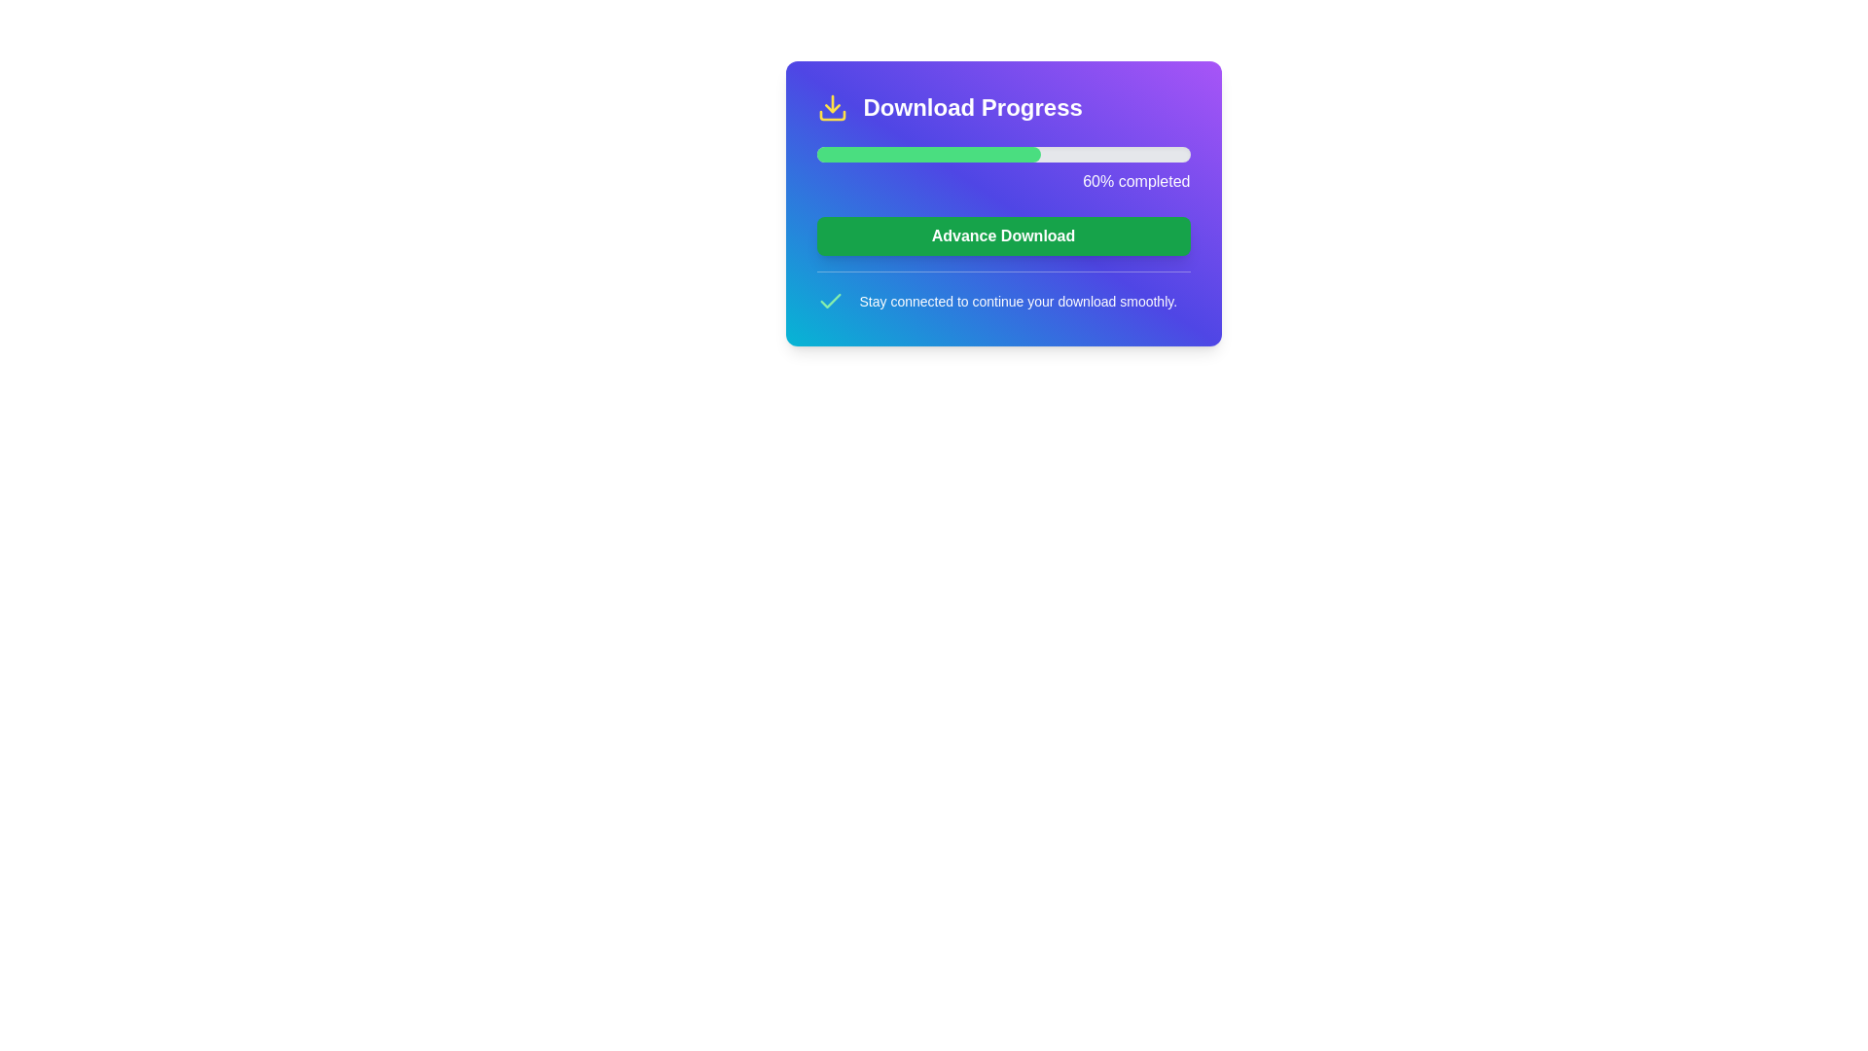 Image resolution: width=1868 pixels, height=1051 pixels. I want to click on the small green checkmark SVG icon, which is located to the left of the text 'Stay connected to continue your download smoothly.', so click(830, 301).